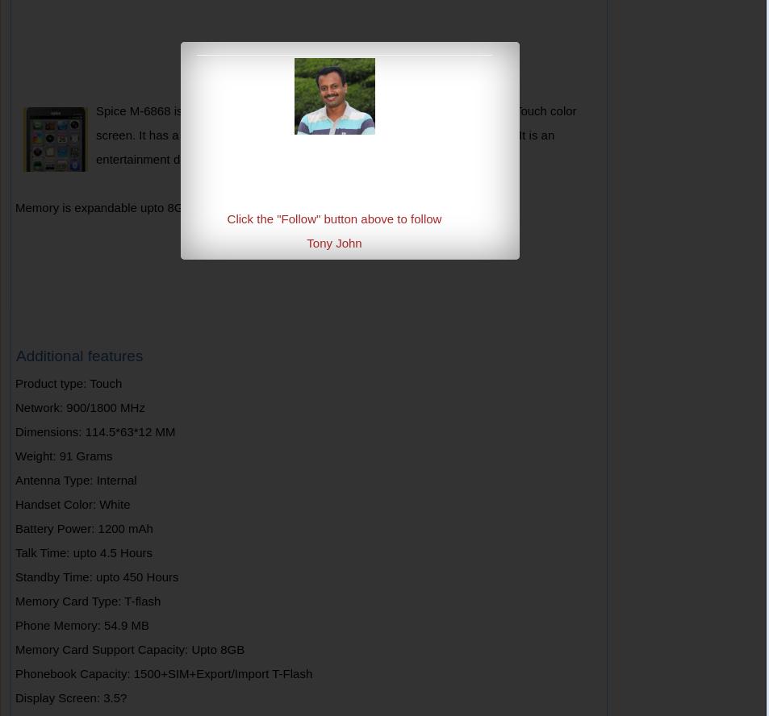  What do you see at coordinates (81, 624) in the screenshot?
I see `'Phone Memory: 54.9 MB'` at bounding box center [81, 624].